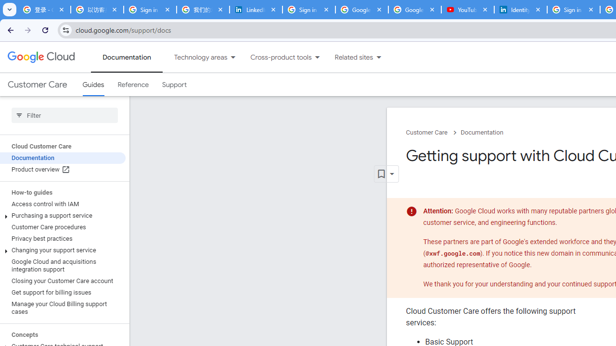  Describe the element at coordinates (275, 57) in the screenshot. I see `'Cross-product tools'` at that location.